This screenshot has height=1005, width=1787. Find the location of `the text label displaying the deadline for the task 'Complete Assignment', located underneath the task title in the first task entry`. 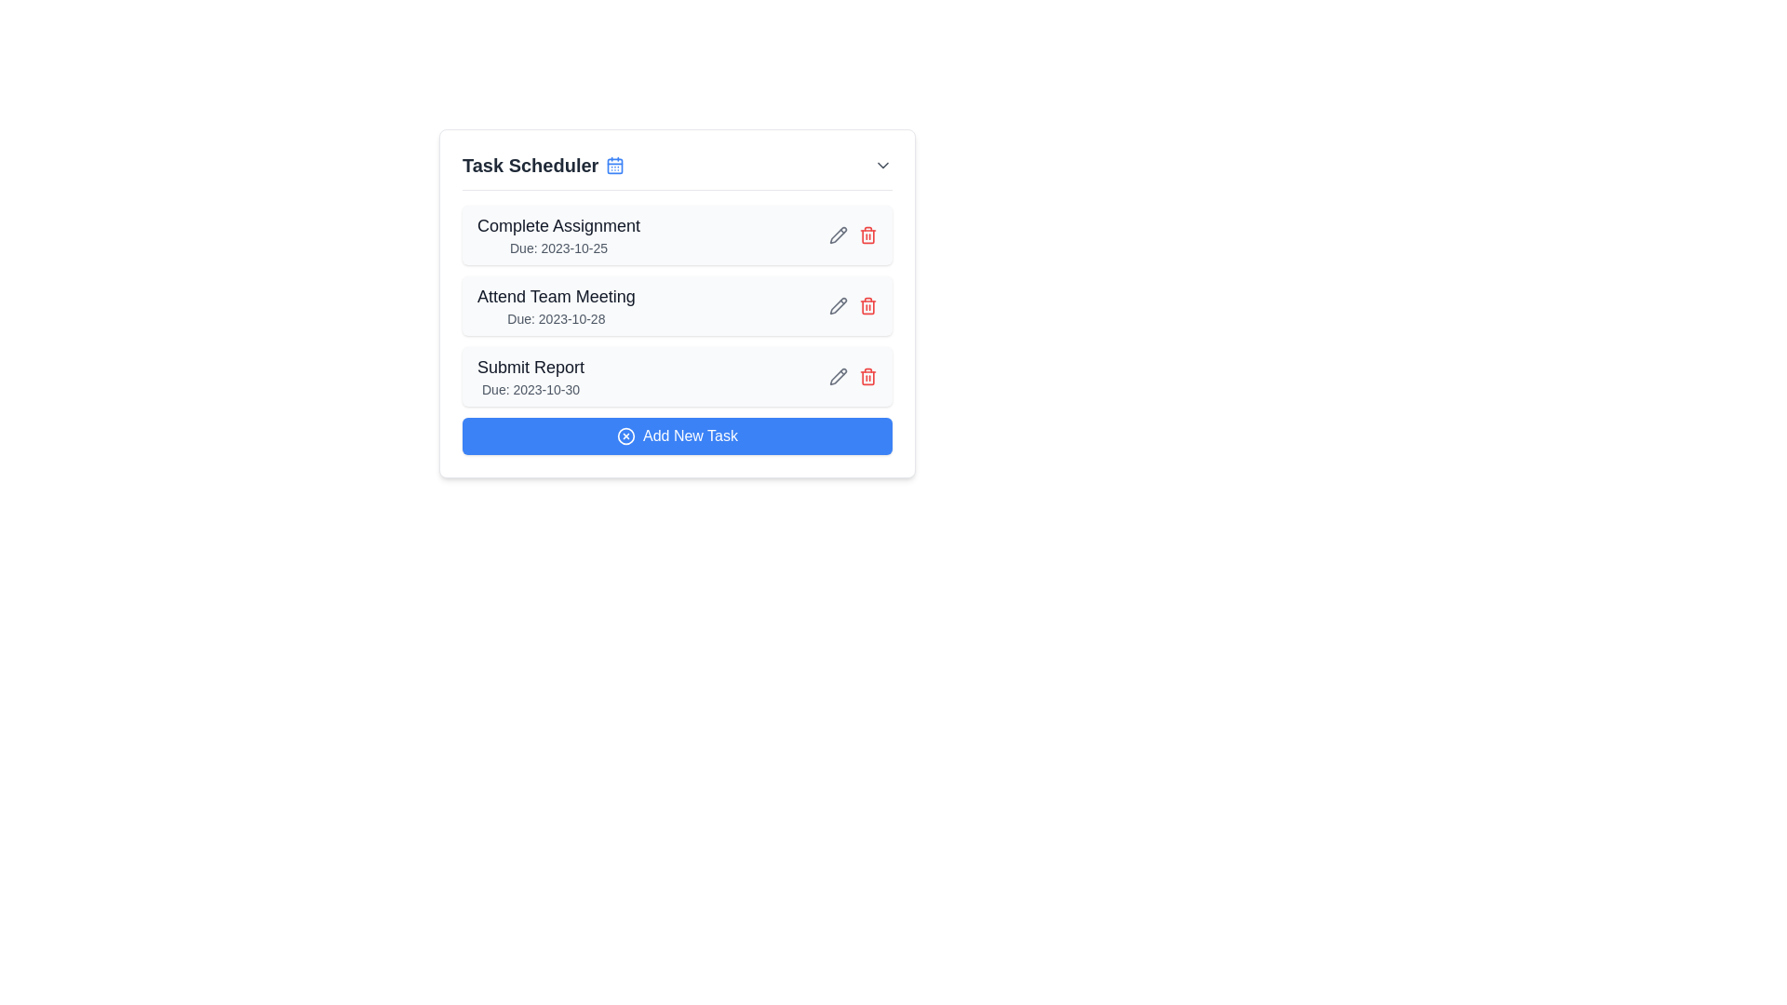

the text label displaying the deadline for the task 'Complete Assignment', located underneath the task title in the first task entry is located at coordinates (558, 247).